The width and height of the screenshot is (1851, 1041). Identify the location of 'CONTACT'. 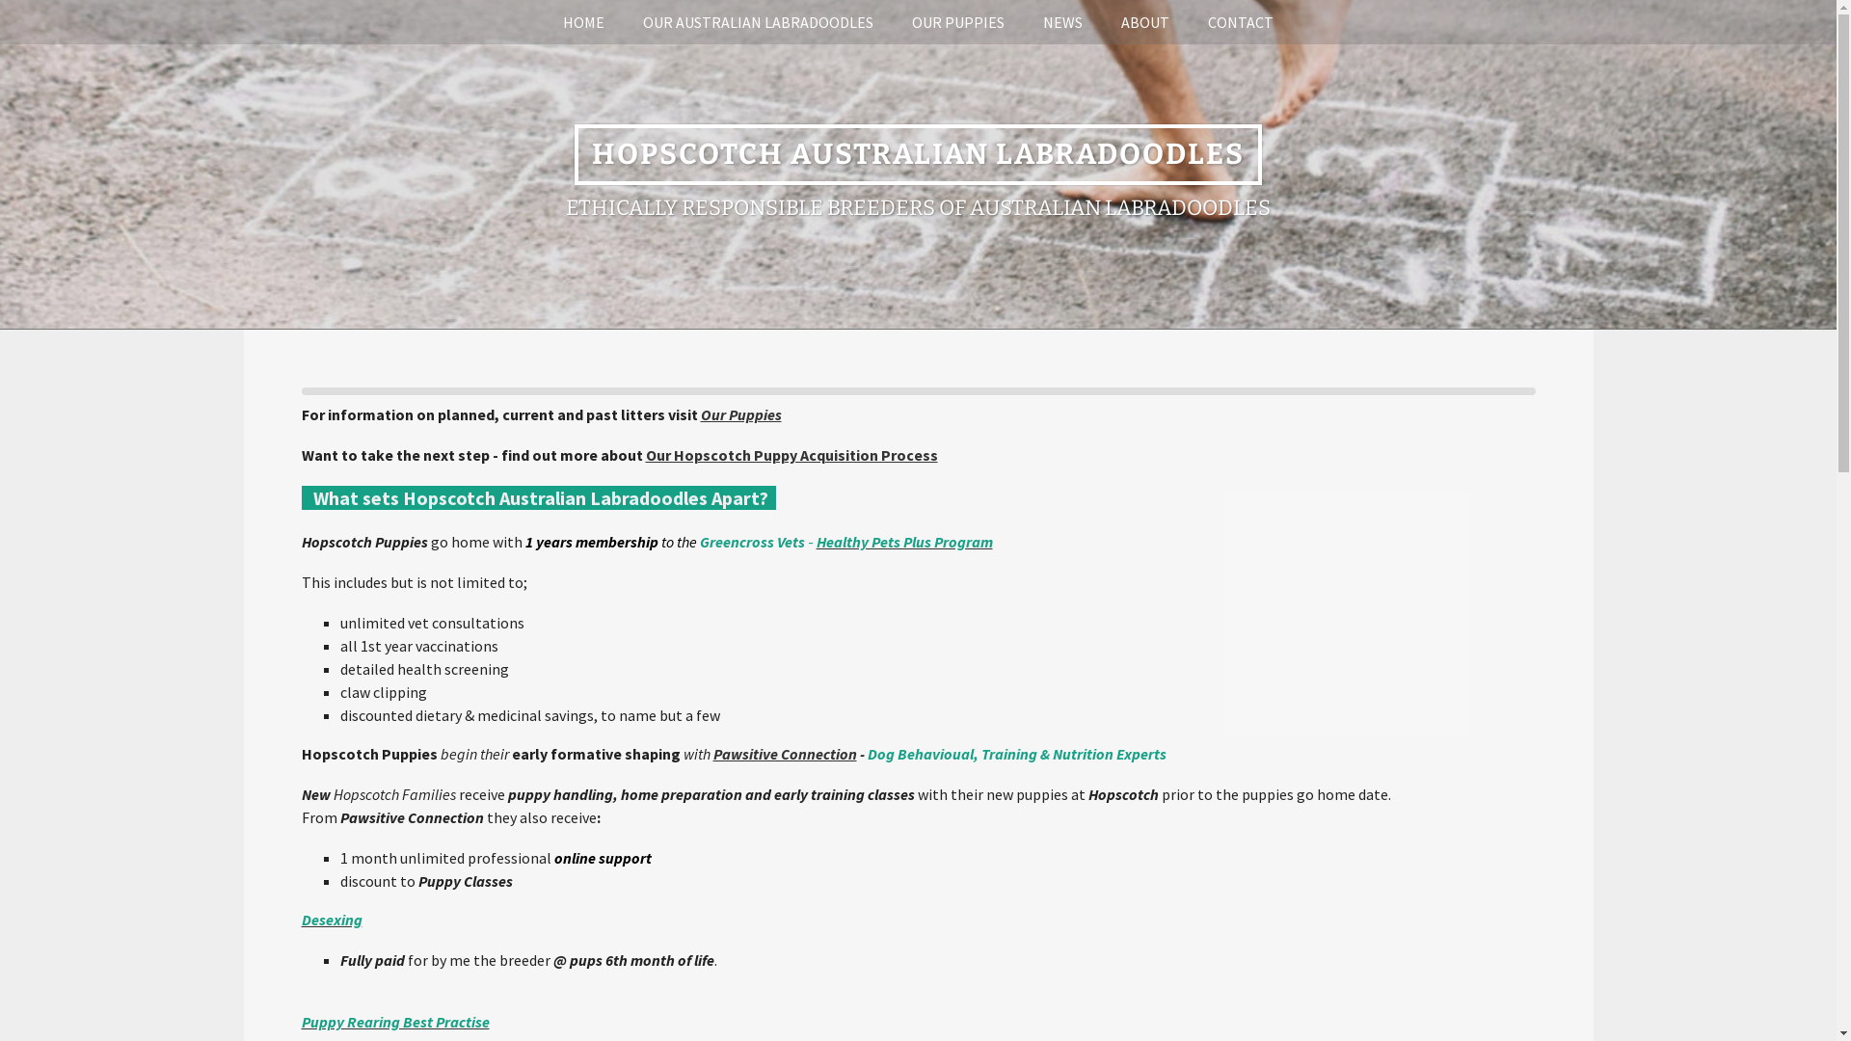
(1240, 22).